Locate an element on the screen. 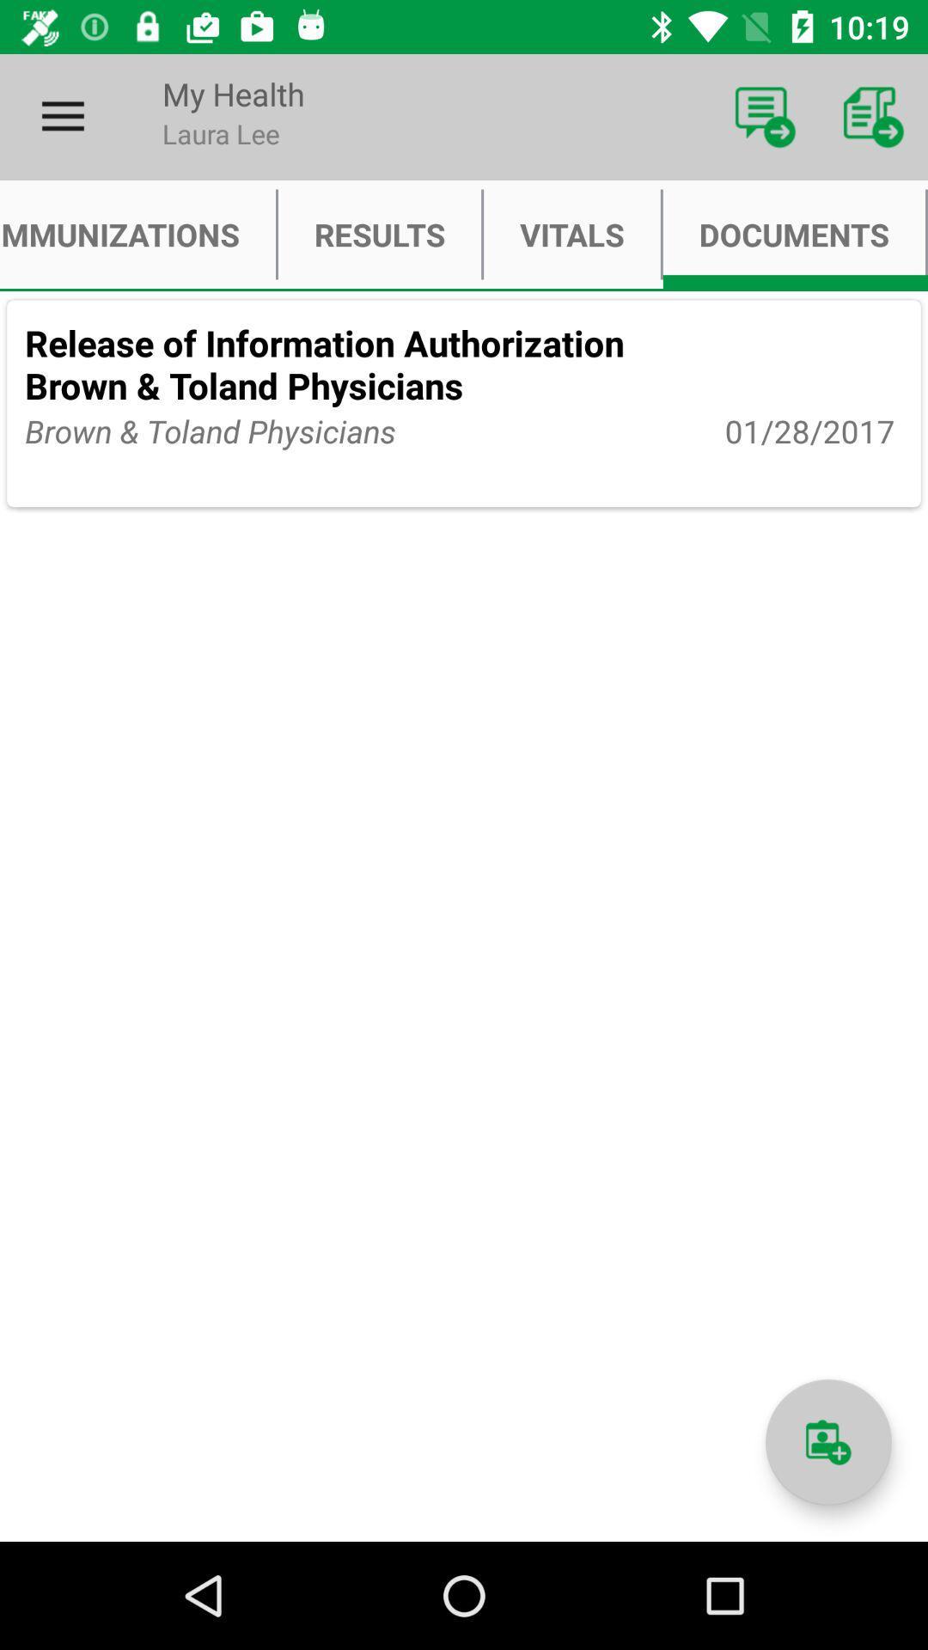 The width and height of the screenshot is (928, 1650). icon above the documents is located at coordinates (874, 116).